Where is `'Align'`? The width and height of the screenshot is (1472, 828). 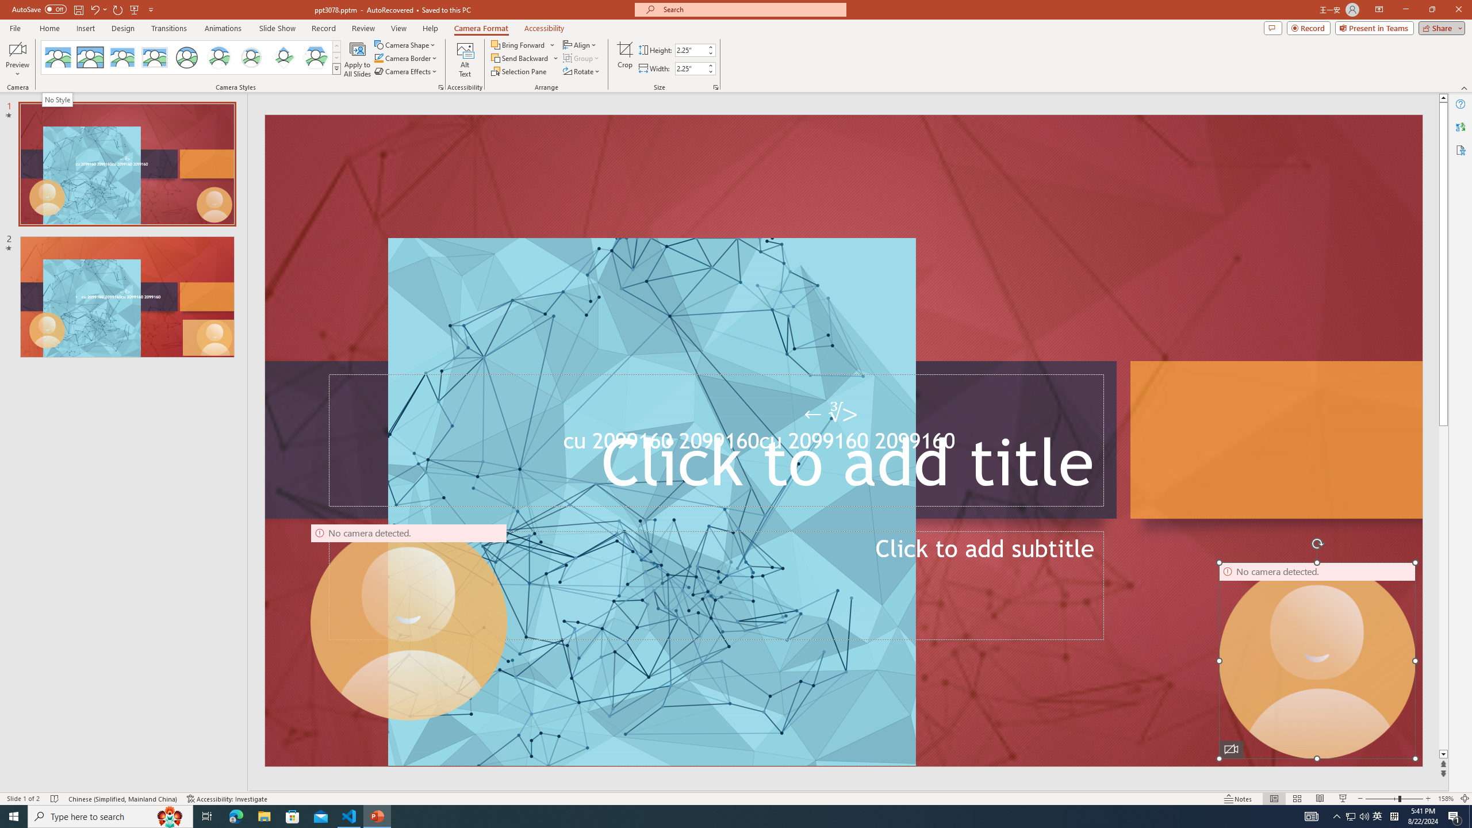
'Align' is located at coordinates (580, 44).